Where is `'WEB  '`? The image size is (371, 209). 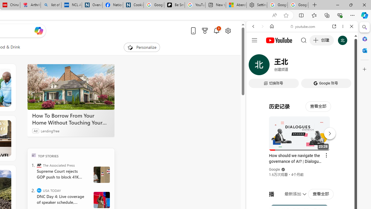
'WEB  ' is located at coordinates (255, 66).